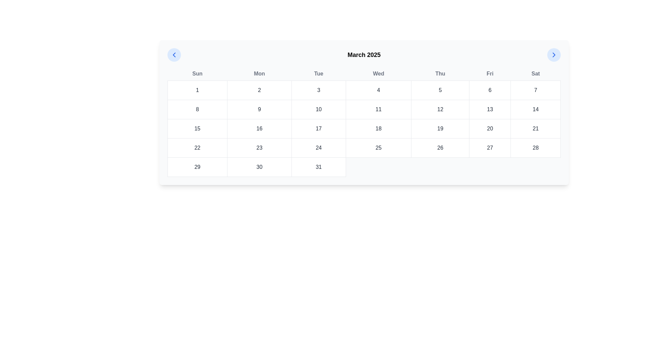 The width and height of the screenshot is (647, 364). What do you see at coordinates (197, 167) in the screenshot?
I see `the clickable calendar date cell element displaying the number '29' to observe its hover effects` at bounding box center [197, 167].